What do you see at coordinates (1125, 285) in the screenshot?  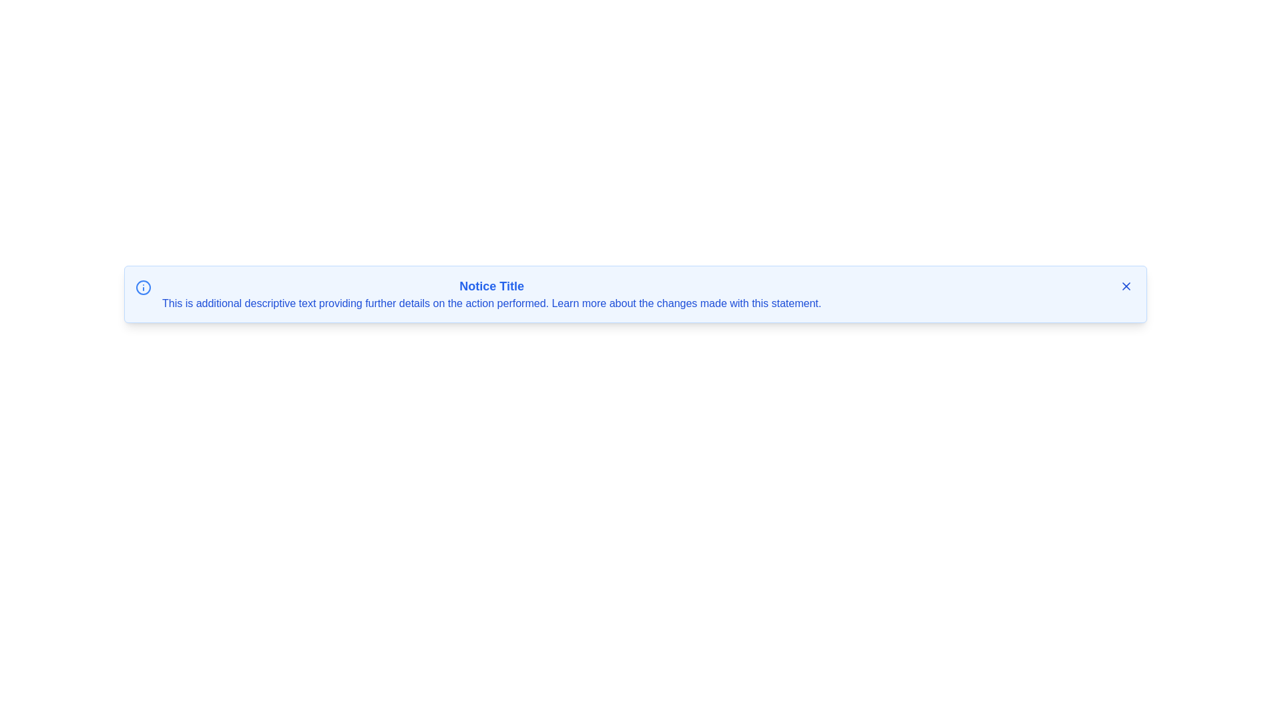 I see `close button to hide the notification` at bounding box center [1125, 285].